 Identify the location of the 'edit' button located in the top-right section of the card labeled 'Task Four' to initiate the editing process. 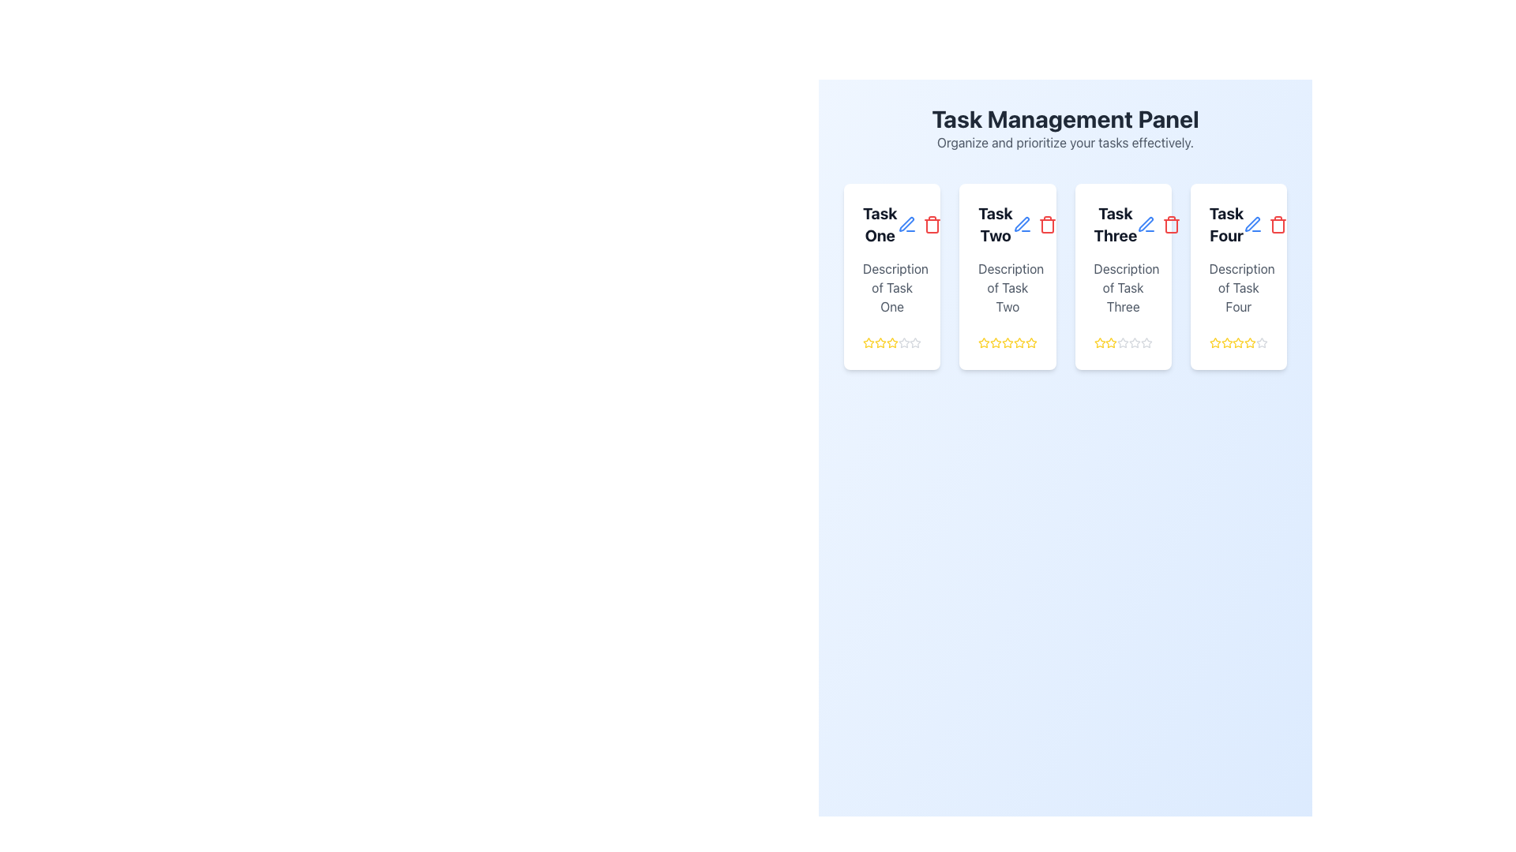
(1252, 225).